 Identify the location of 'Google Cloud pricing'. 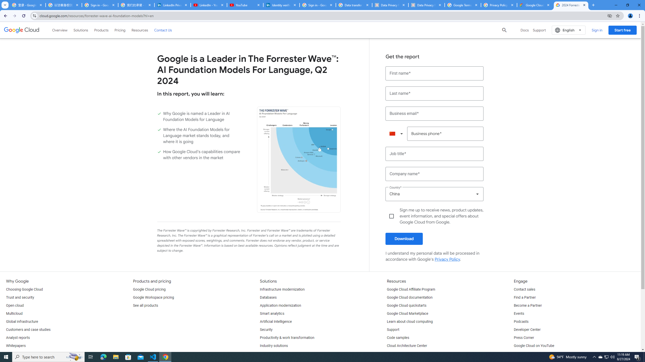
(149, 290).